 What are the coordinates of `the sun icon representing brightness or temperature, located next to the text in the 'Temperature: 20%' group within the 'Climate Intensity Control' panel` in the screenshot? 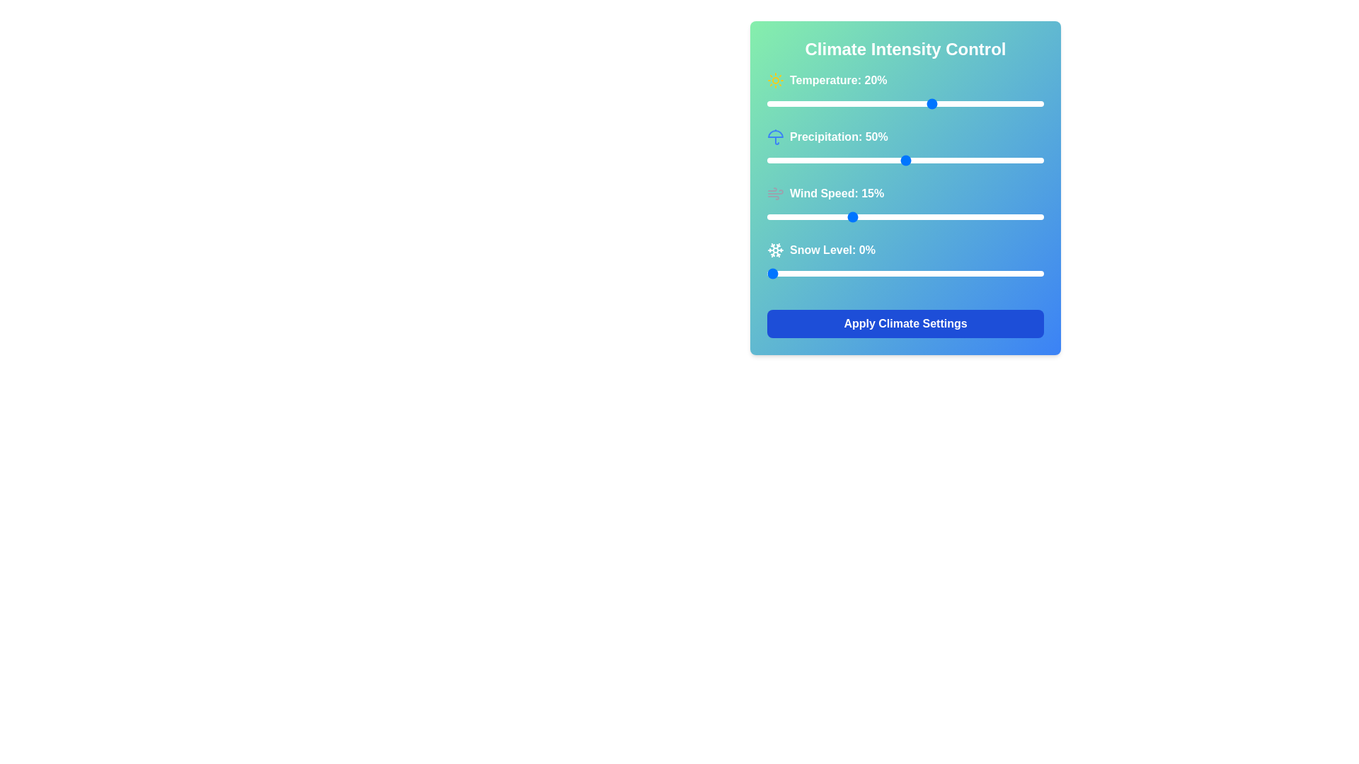 It's located at (774, 81).